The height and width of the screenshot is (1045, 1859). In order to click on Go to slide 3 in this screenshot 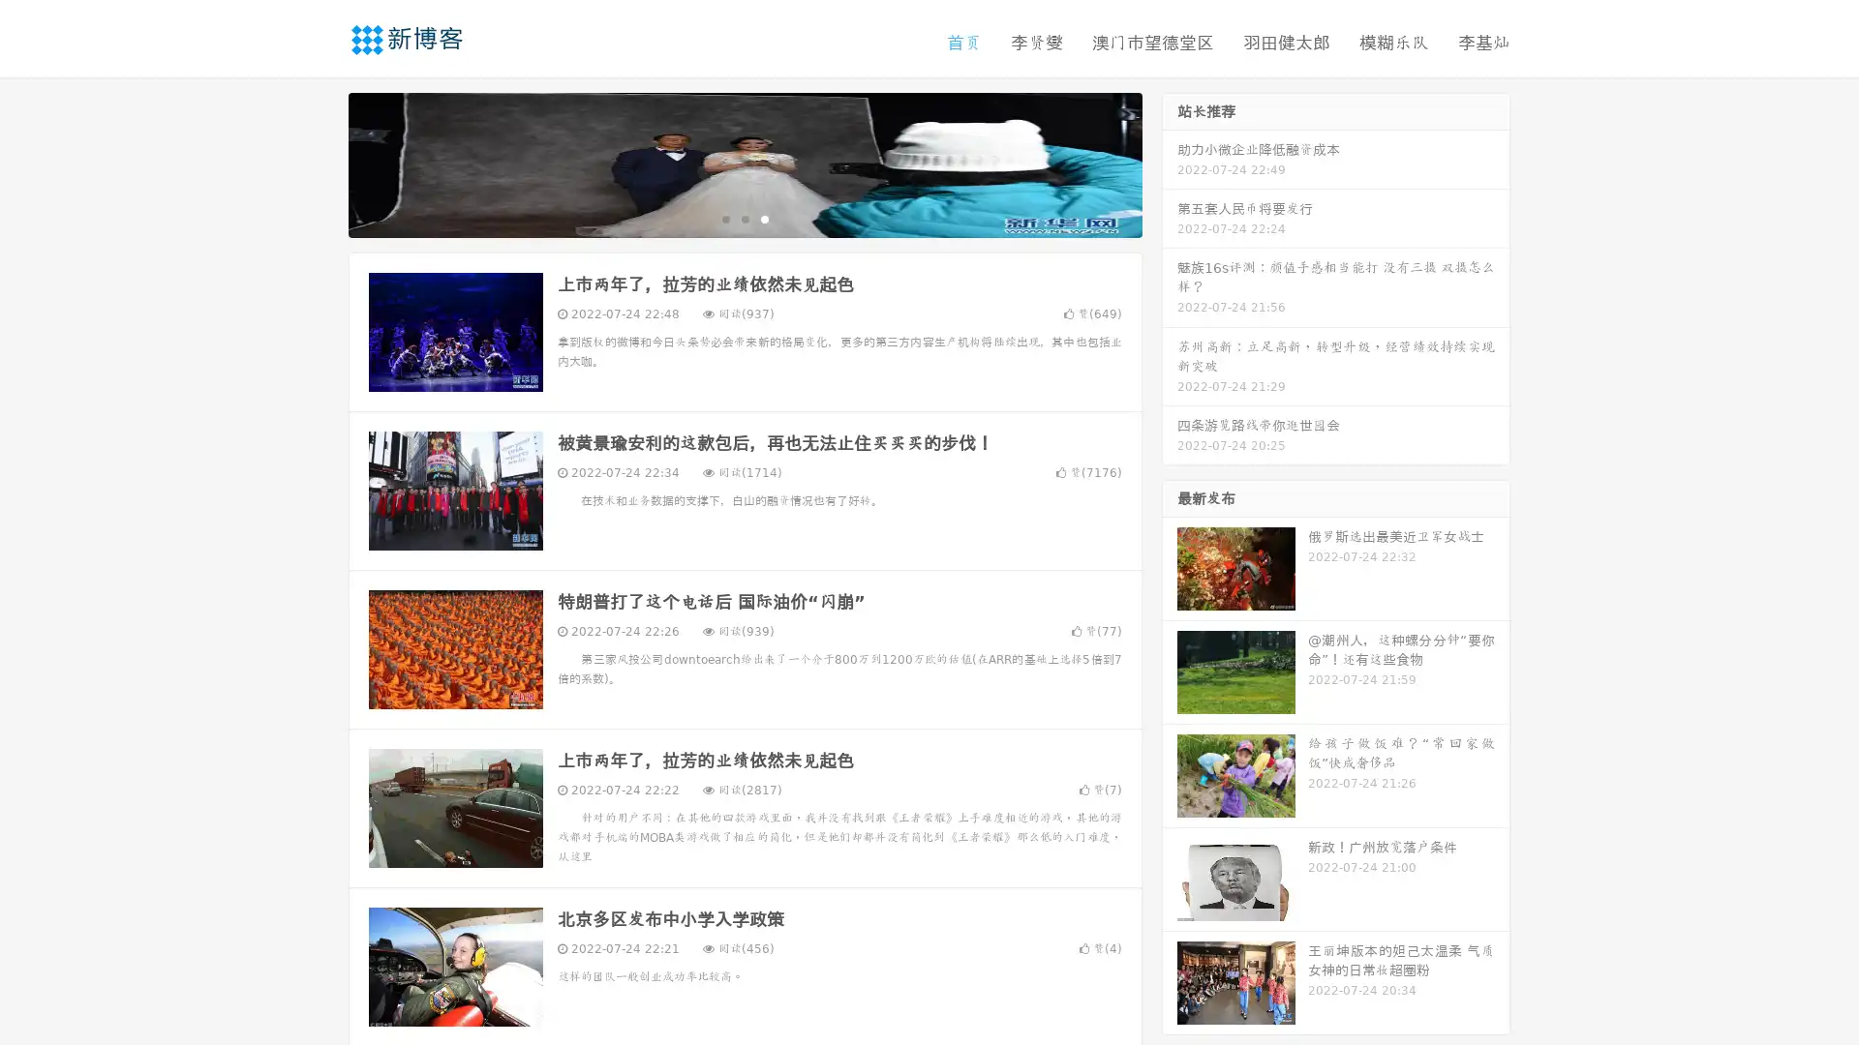, I will do `click(764, 218)`.